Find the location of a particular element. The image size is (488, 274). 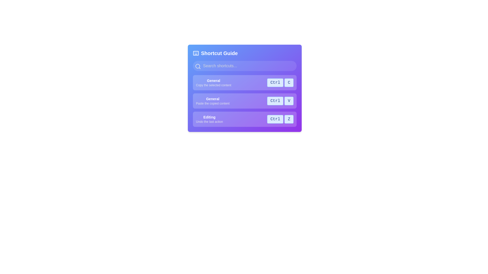

the circular graphical component within the search icon, which is located to the left of the search input box in the 'Shortcut Guide' dialog is located at coordinates (197, 66).